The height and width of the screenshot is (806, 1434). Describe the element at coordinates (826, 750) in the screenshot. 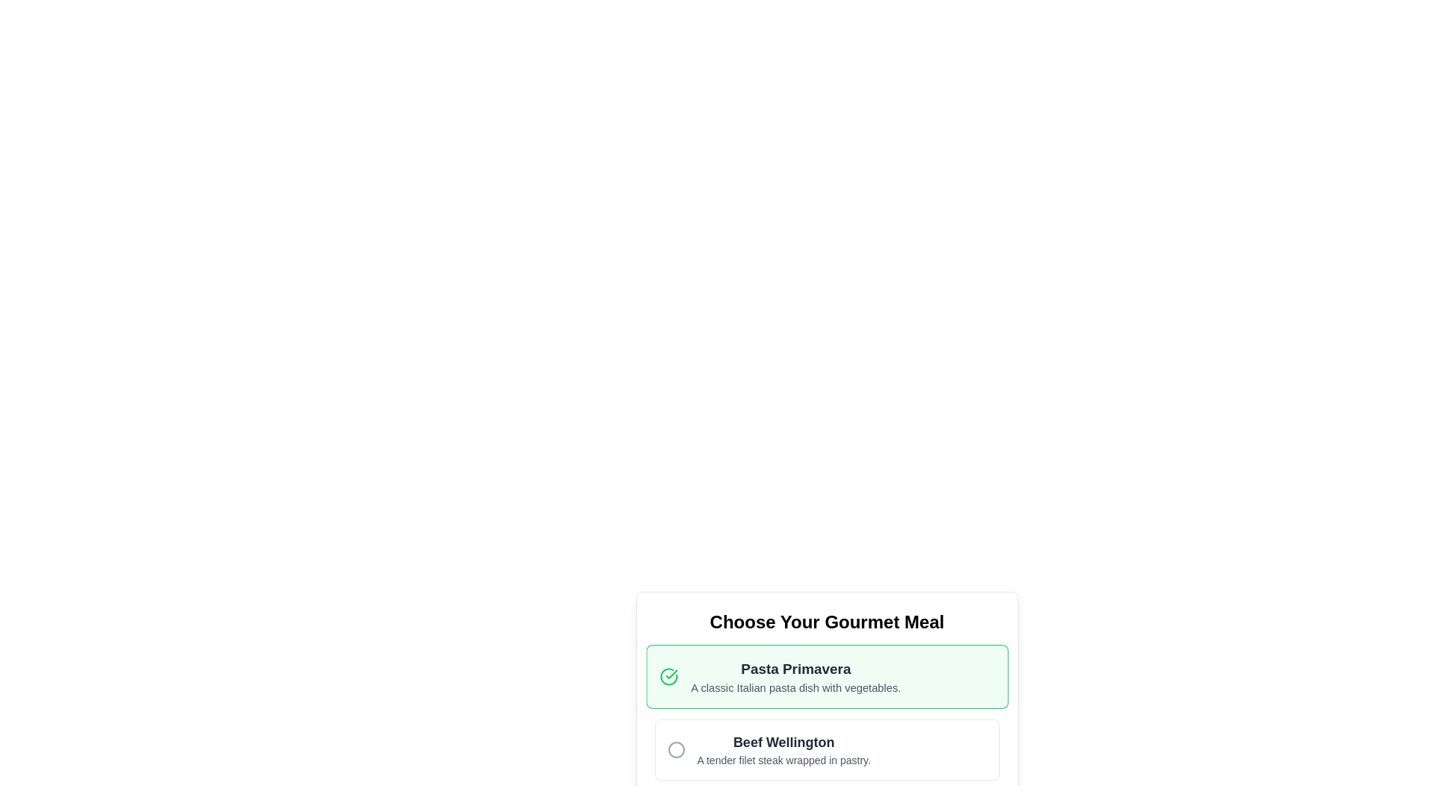

I see `the selection card for 'Beef Wellington', which is positioned directly below 'Pasta Primavera' in the meal selection interface` at that location.